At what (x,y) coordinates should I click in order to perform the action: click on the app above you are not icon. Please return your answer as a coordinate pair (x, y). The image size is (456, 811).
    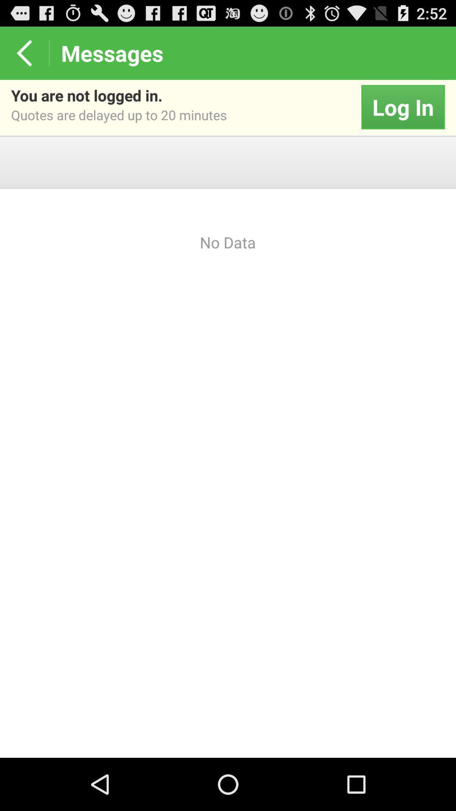
    Looking at the image, I should click on (24, 52).